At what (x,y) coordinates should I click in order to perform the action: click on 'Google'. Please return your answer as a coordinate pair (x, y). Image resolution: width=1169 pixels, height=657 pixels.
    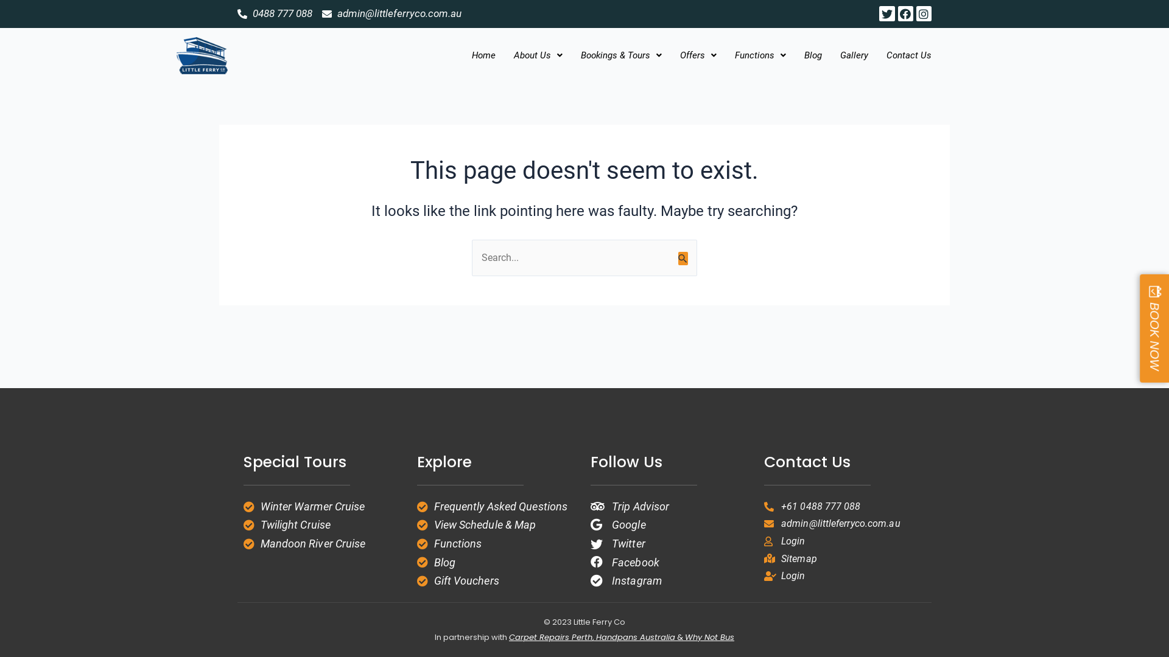
    Looking at the image, I should click on (670, 524).